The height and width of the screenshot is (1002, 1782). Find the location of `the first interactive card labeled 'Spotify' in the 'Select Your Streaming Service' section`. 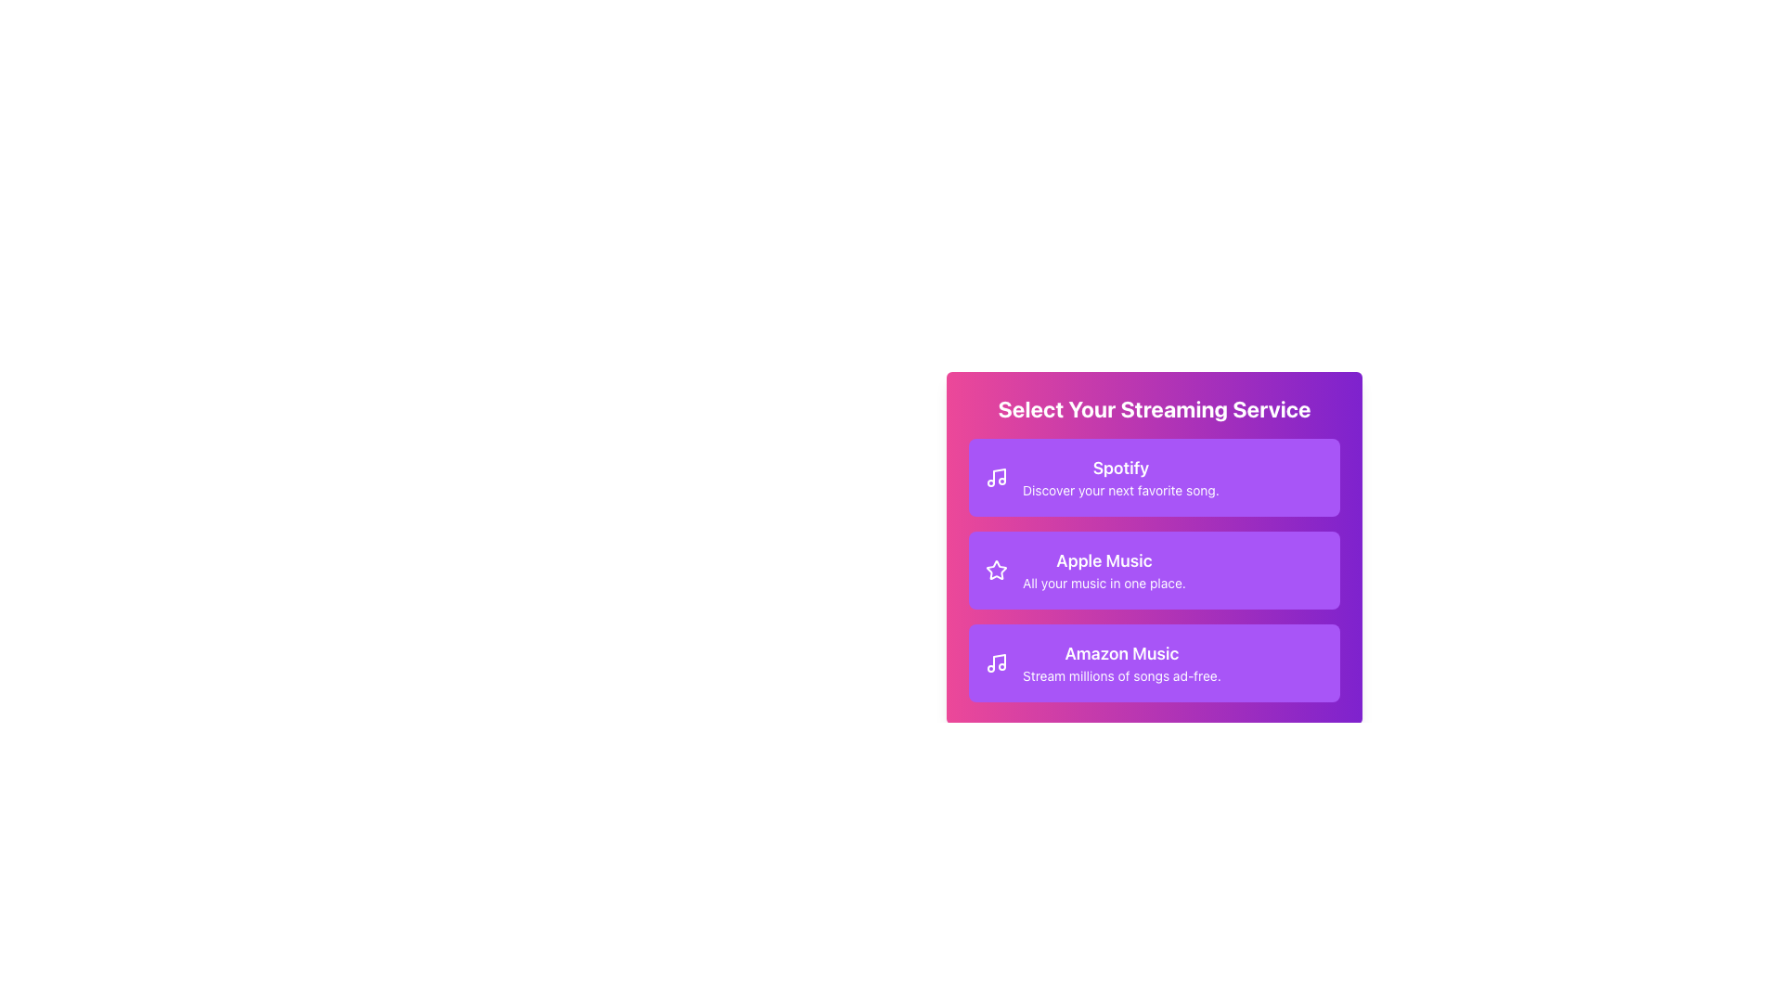

the first interactive card labeled 'Spotify' in the 'Select Your Streaming Service' section is located at coordinates (1153, 477).